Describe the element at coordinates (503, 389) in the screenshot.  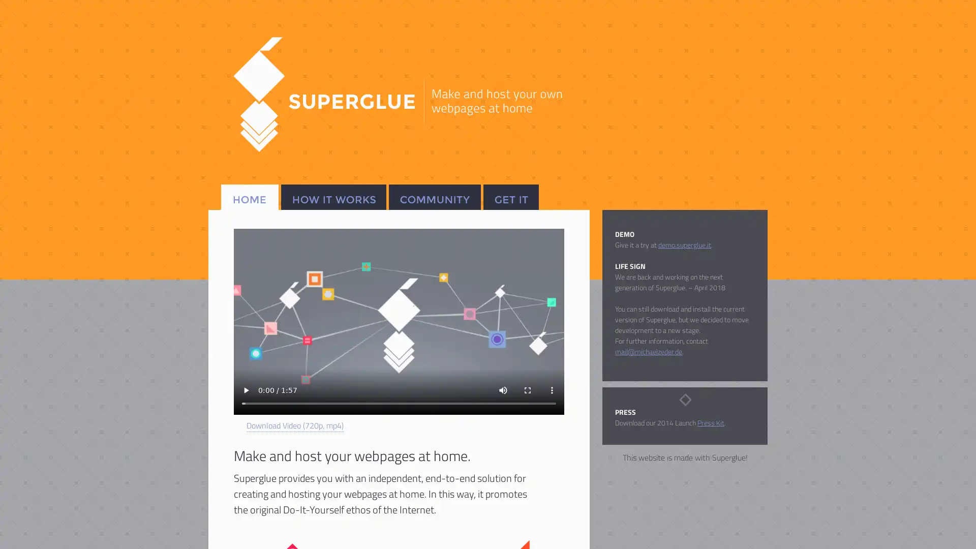
I see `mute` at that location.